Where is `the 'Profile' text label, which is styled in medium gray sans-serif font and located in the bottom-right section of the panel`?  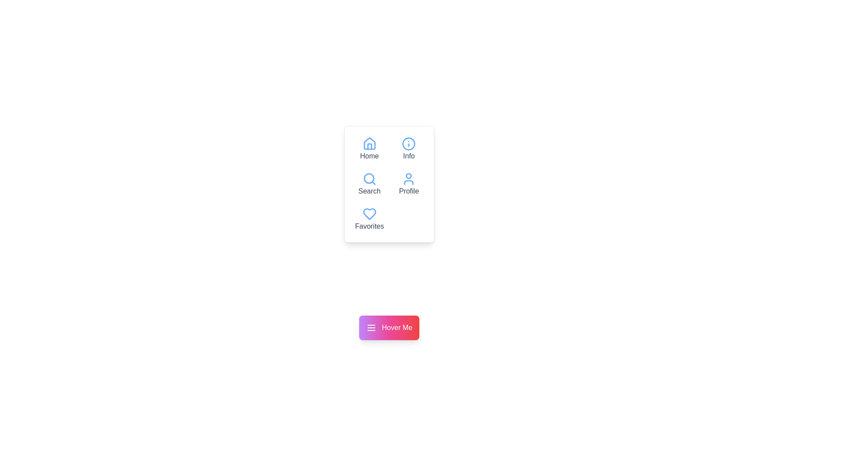
the 'Profile' text label, which is styled in medium gray sans-serif font and located in the bottom-right section of the panel is located at coordinates (408, 190).